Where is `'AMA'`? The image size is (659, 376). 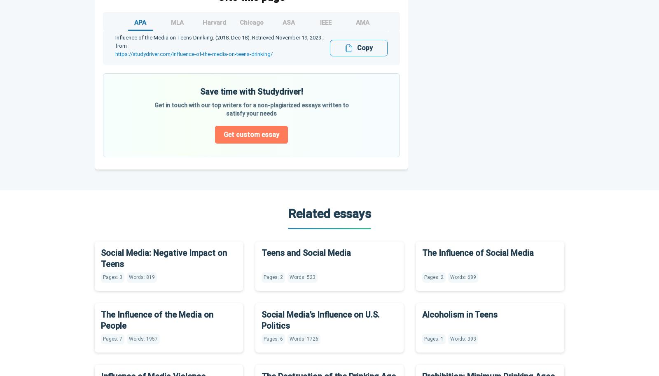
'AMA' is located at coordinates (362, 22).